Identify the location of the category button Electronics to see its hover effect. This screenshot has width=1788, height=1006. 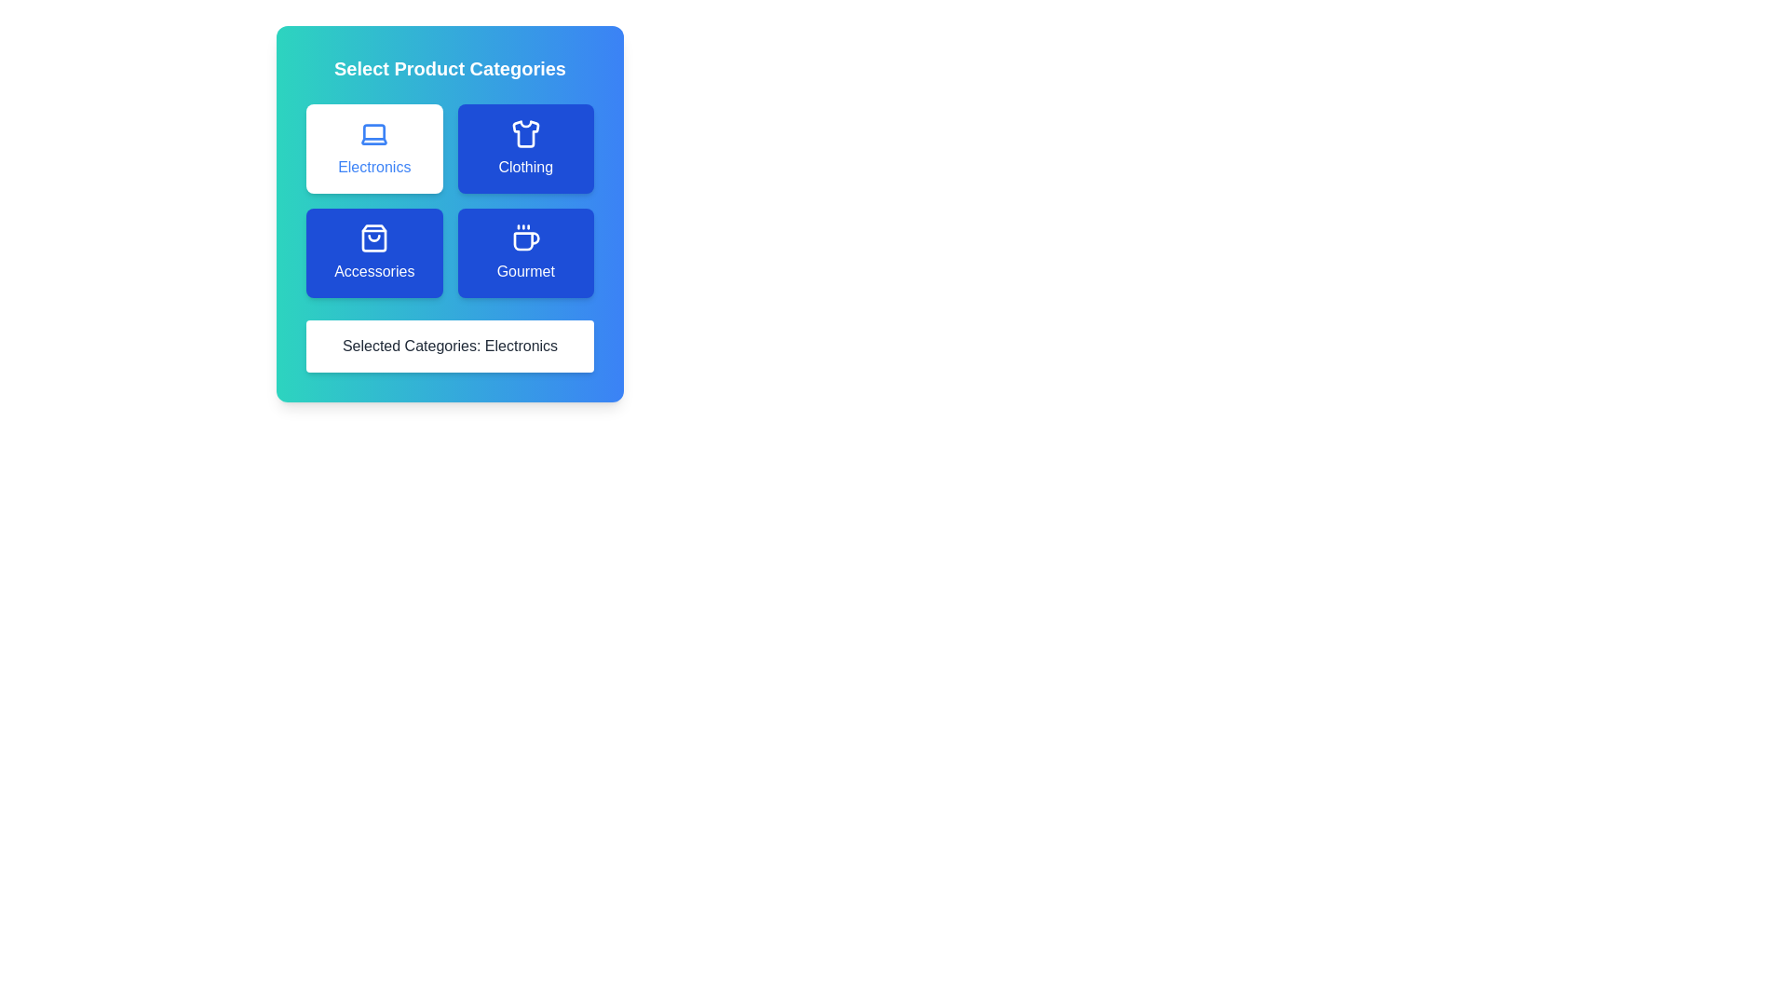
(373, 147).